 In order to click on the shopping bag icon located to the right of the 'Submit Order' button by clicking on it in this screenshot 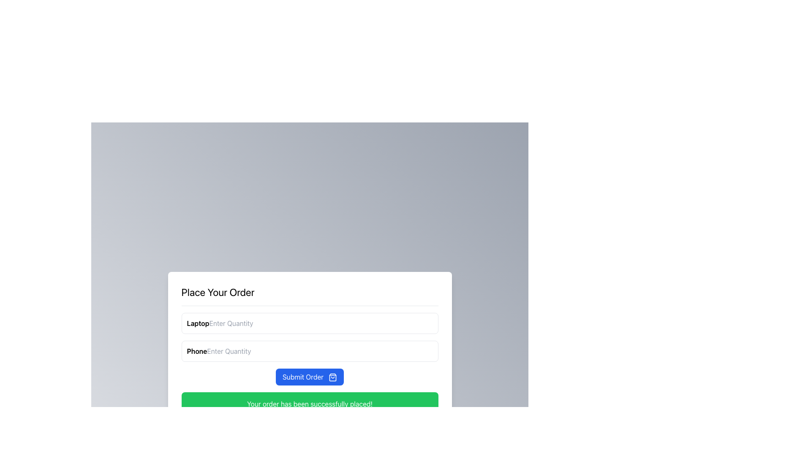, I will do `click(332, 377)`.